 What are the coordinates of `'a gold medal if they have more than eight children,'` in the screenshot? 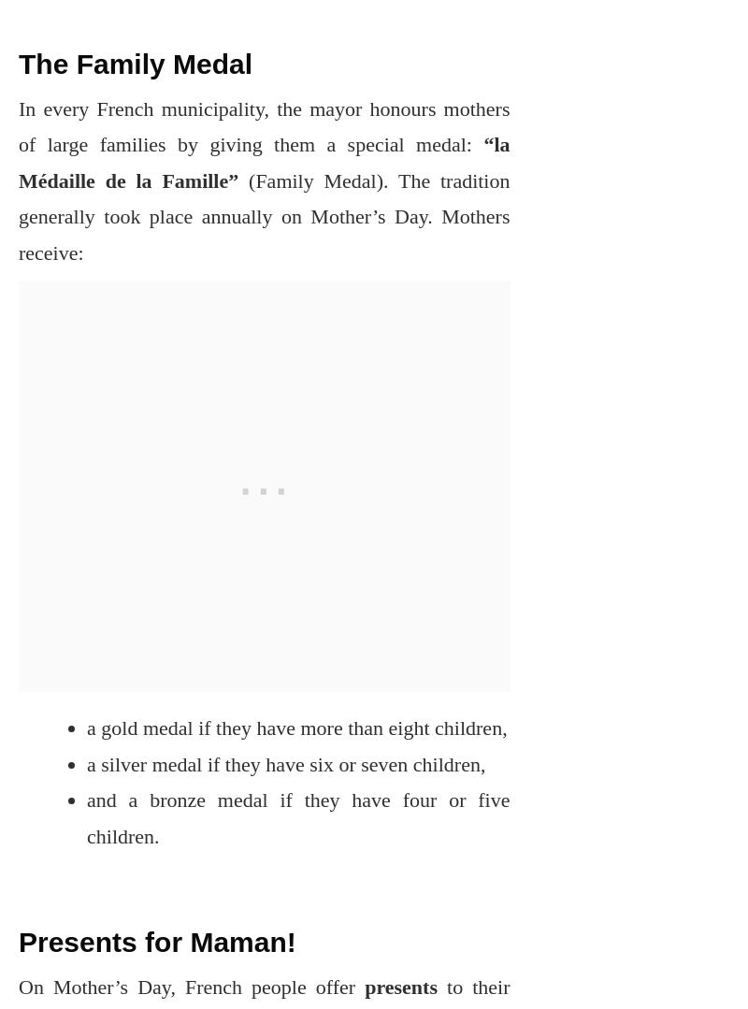 It's located at (295, 728).